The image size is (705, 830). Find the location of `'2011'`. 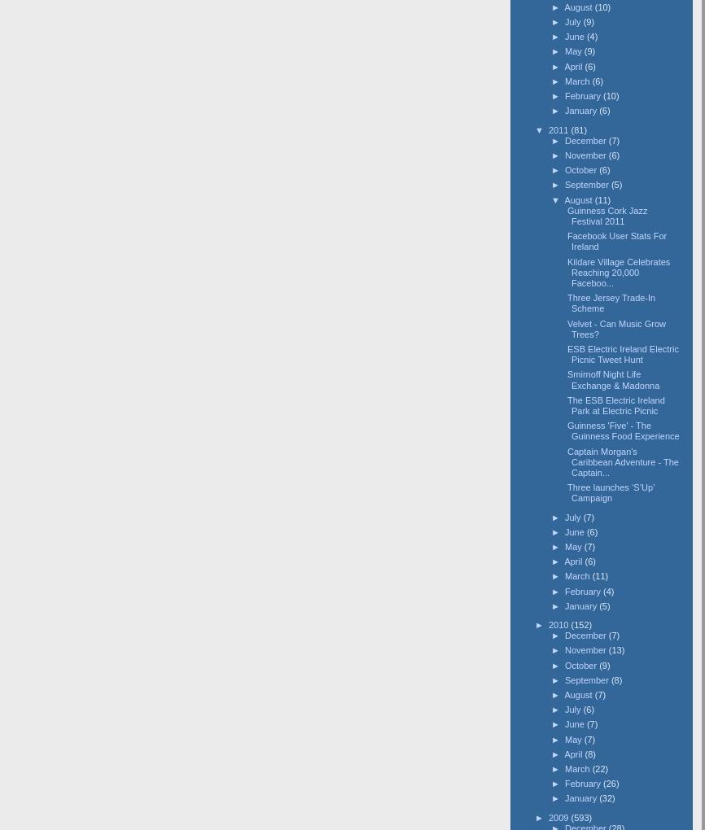

'2011' is located at coordinates (558, 129).